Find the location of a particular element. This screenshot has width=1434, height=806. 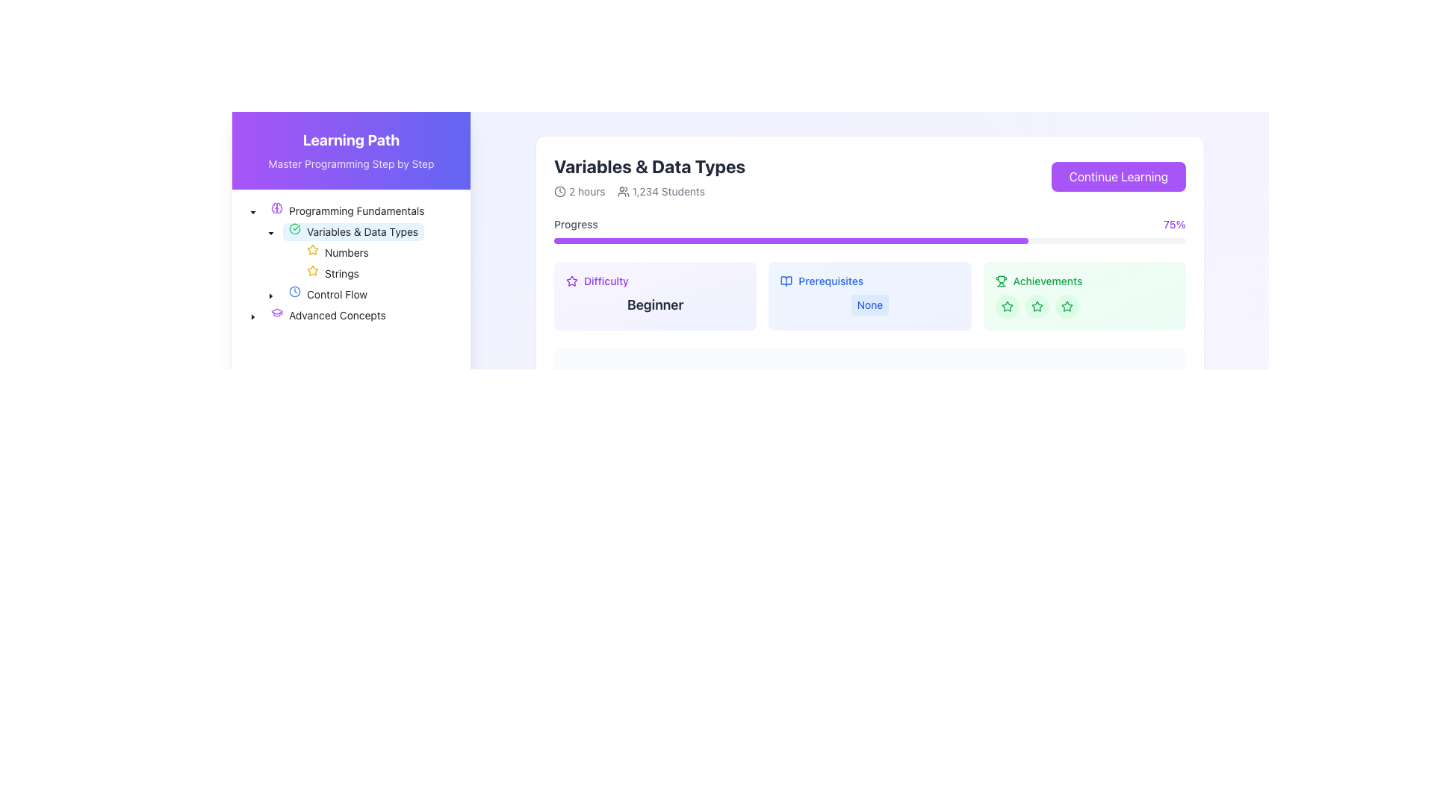

the tree node item labeled 'Advanced Concepts' which is visually represented with a purple graduation cap icon, located under 'Programming Fundamentals' is located at coordinates (327, 315).